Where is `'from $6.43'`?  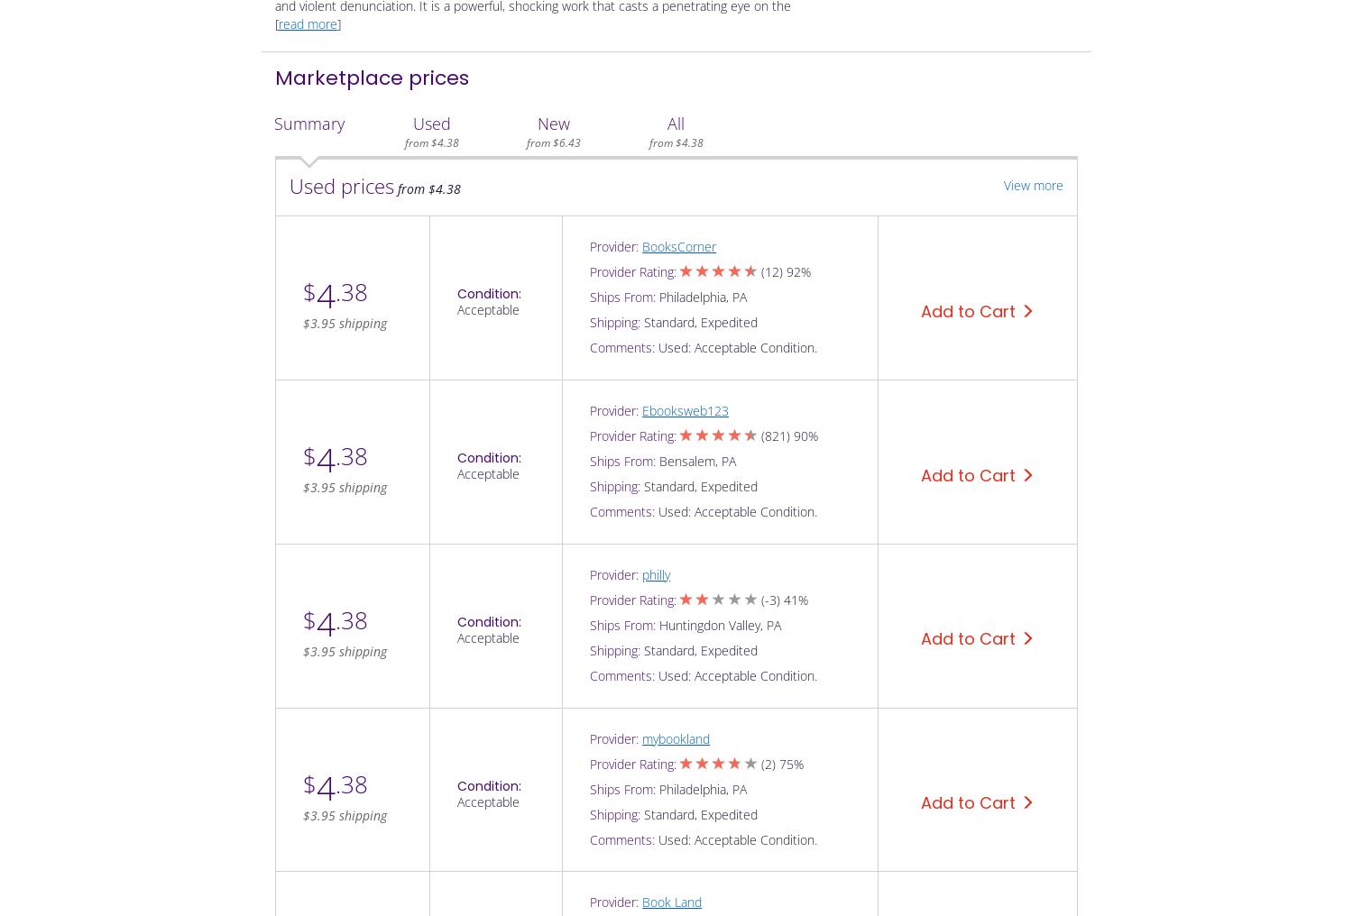 'from $6.43' is located at coordinates (552, 141).